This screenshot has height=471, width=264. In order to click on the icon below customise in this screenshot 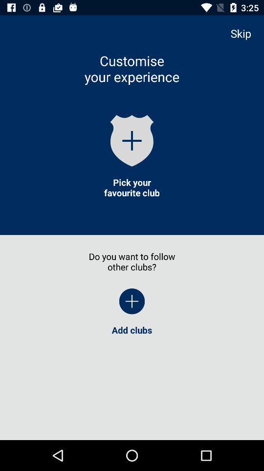, I will do `click(132, 140)`.